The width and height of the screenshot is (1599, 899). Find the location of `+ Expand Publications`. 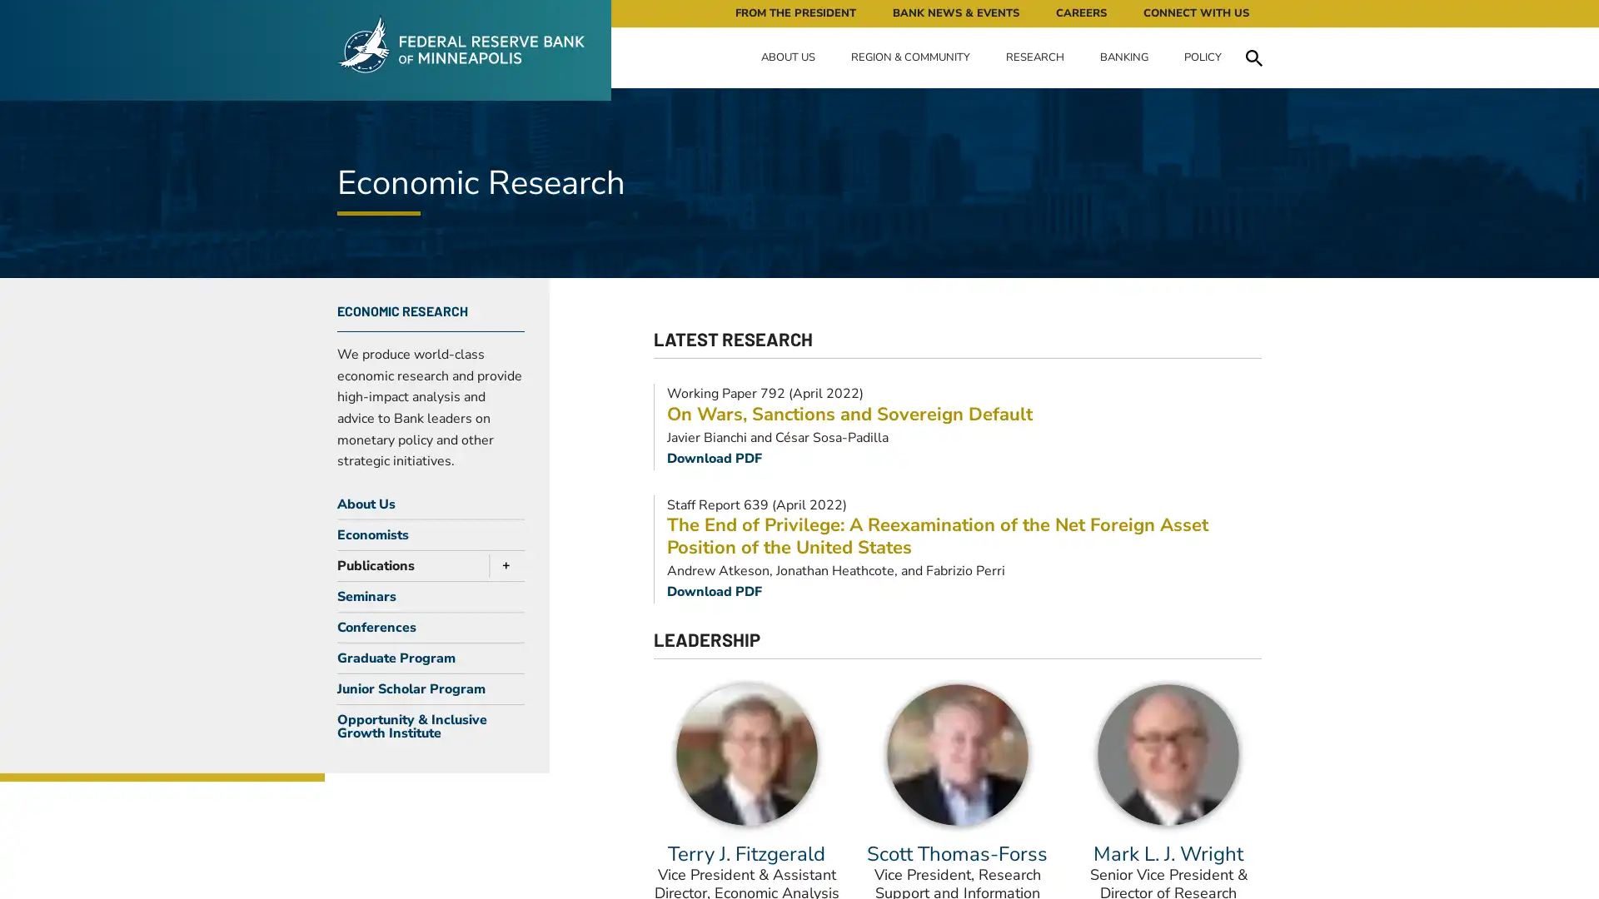

+ Expand Publications is located at coordinates (501, 564).